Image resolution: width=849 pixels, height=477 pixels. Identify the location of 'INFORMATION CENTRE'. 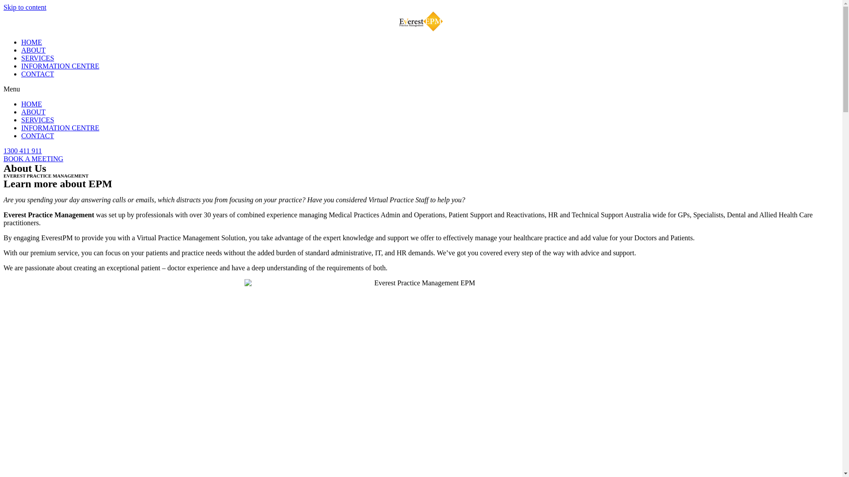
(59, 128).